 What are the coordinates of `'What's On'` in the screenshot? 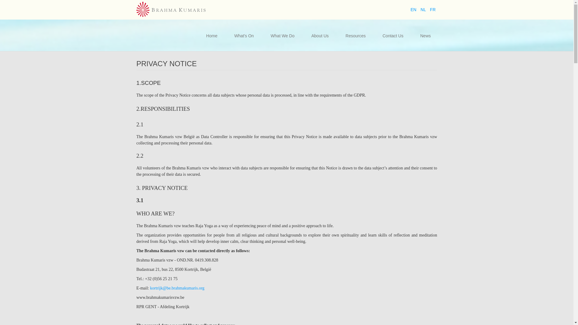 It's located at (244, 36).